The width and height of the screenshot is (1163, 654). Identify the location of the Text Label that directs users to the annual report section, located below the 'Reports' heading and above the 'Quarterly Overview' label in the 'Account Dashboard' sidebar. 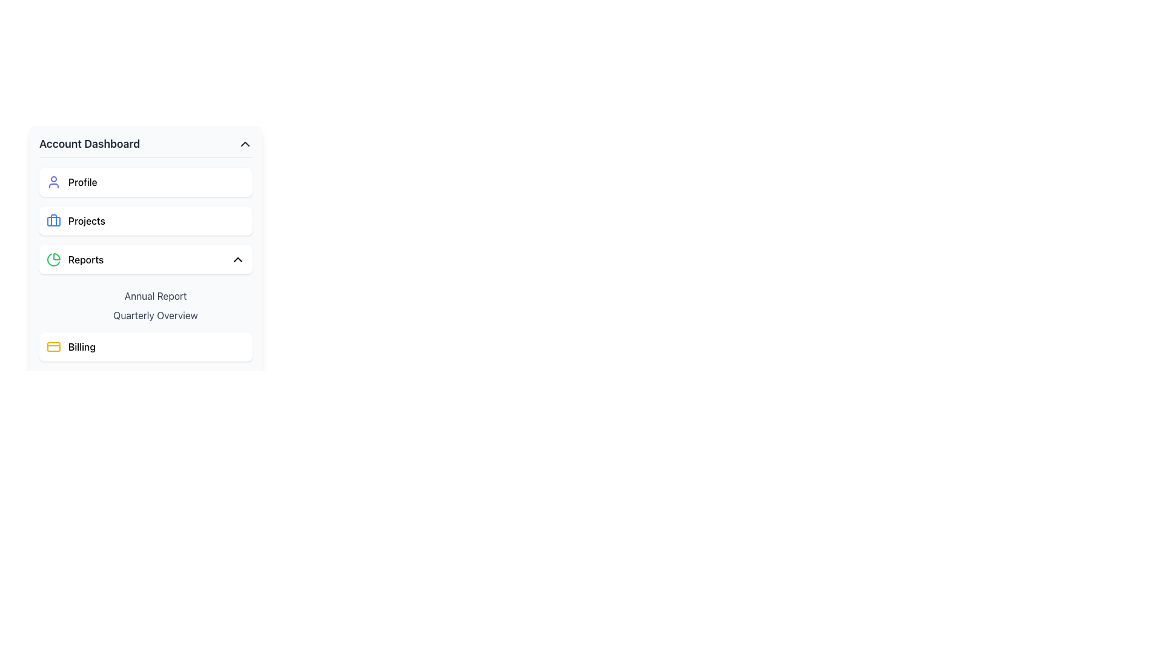
(155, 296).